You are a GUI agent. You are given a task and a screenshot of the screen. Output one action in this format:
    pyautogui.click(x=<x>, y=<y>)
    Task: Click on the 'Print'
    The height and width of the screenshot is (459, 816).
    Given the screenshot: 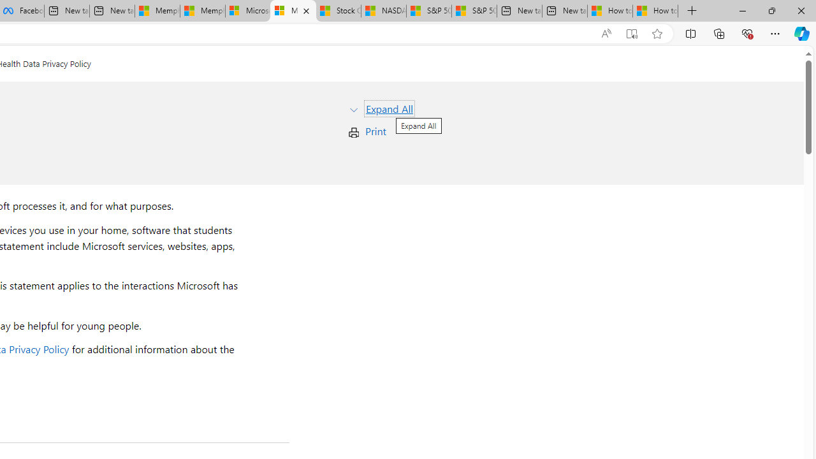 What is the action you would take?
    pyautogui.click(x=375, y=131)
    